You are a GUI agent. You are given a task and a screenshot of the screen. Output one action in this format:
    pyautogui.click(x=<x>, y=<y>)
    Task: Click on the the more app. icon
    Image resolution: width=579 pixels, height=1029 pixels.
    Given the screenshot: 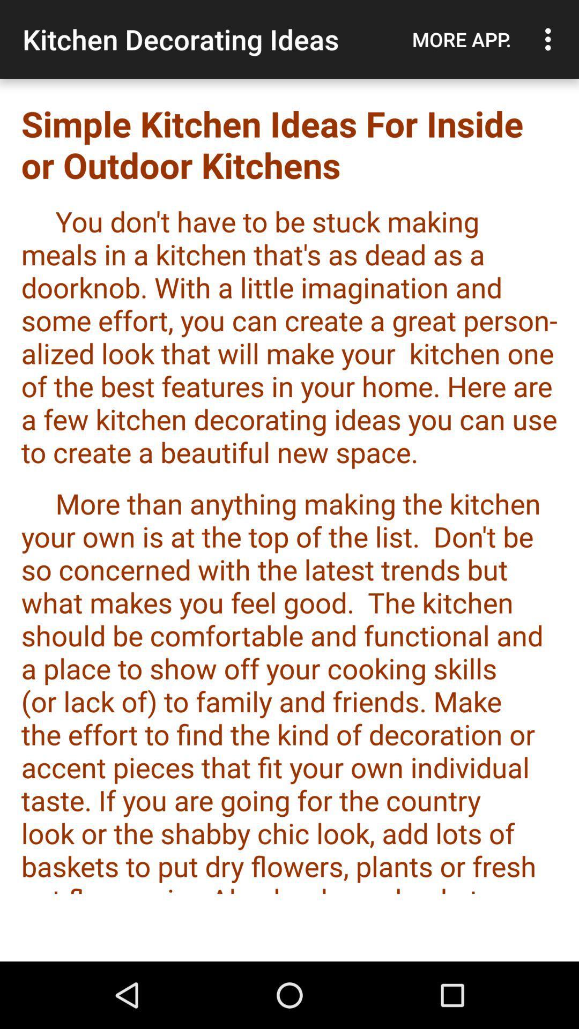 What is the action you would take?
    pyautogui.click(x=461, y=39)
    